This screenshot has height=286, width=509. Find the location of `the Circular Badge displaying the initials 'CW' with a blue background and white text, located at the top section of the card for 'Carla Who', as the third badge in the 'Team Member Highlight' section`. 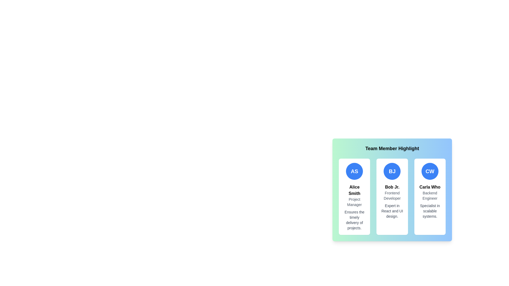

the Circular Badge displaying the initials 'CW' with a blue background and white text, located at the top section of the card for 'Carla Who', as the third badge in the 'Team Member Highlight' section is located at coordinates (430, 171).